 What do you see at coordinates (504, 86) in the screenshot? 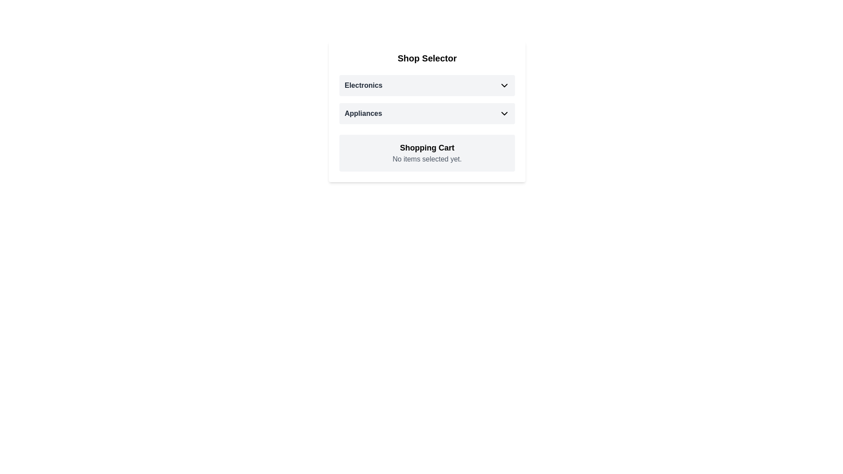
I see `the downward-pointing chevron icon located at the right end of the 'Electronics' bar` at bounding box center [504, 86].